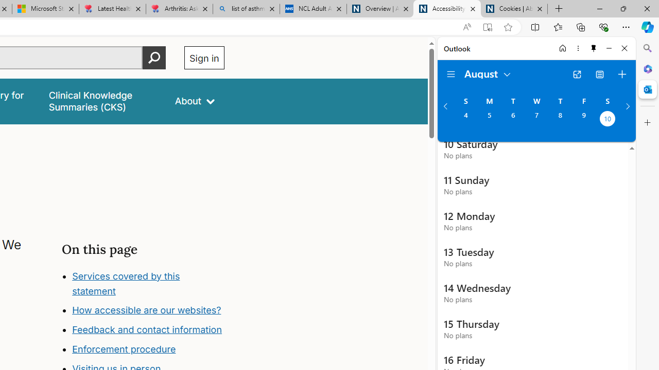 The height and width of the screenshot is (370, 659). Describe the element at coordinates (146, 310) in the screenshot. I see `'How accessible are our websites?'` at that location.